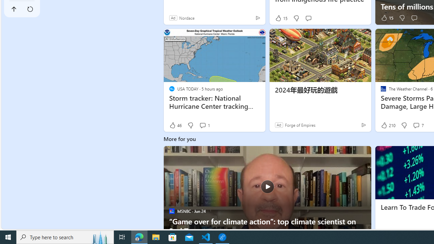 This screenshot has height=244, width=434. What do you see at coordinates (300, 125) in the screenshot?
I see `'Forge of Empires'` at bounding box center [300, 125].